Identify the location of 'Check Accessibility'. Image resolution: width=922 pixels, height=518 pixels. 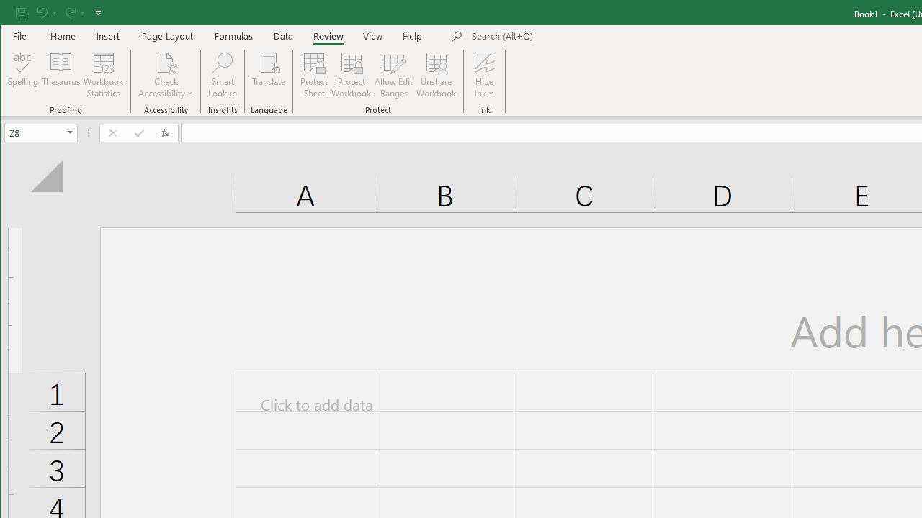
(166, 61).